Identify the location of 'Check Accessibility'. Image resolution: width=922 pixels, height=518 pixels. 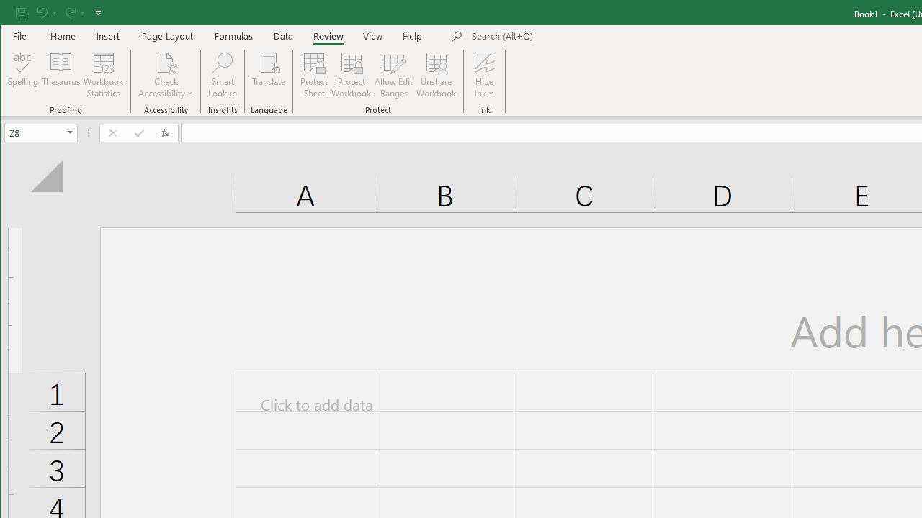
(166, 61).